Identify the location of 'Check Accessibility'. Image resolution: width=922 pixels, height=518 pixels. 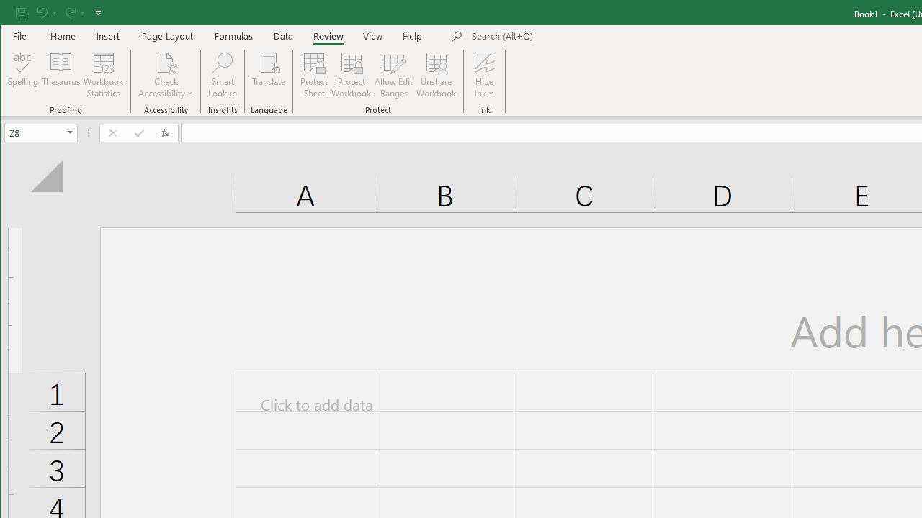
(166, 61).